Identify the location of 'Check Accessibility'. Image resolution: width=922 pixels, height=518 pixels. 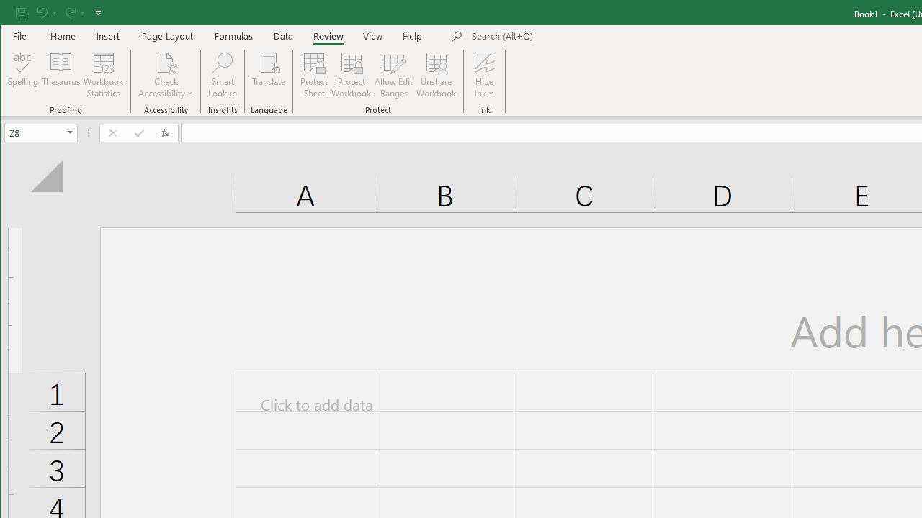
(166, 61).